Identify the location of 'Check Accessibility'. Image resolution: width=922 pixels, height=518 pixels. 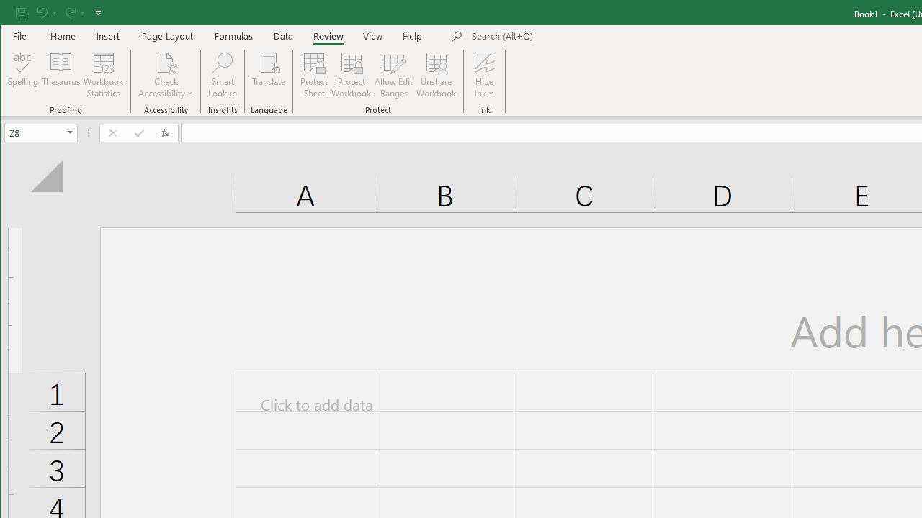
(166, 61).